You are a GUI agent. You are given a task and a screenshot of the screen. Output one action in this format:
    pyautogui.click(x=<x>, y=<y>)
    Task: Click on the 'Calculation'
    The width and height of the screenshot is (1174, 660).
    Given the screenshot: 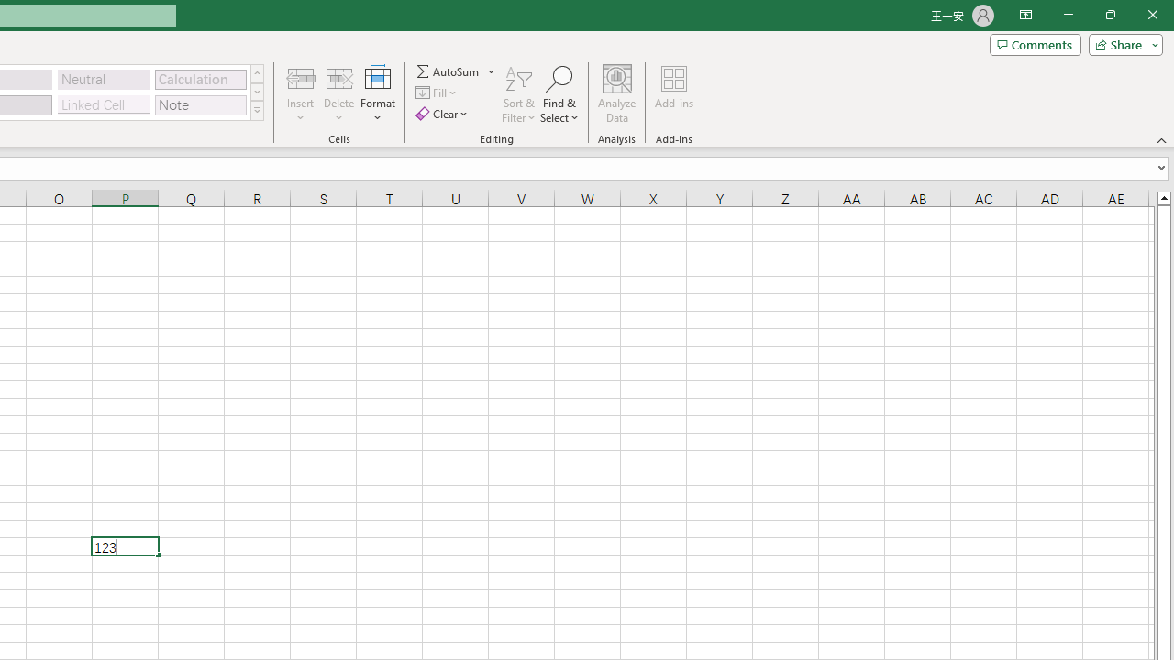 What is the action you would take?
    pyautogui.click(x=200, y=78)
    